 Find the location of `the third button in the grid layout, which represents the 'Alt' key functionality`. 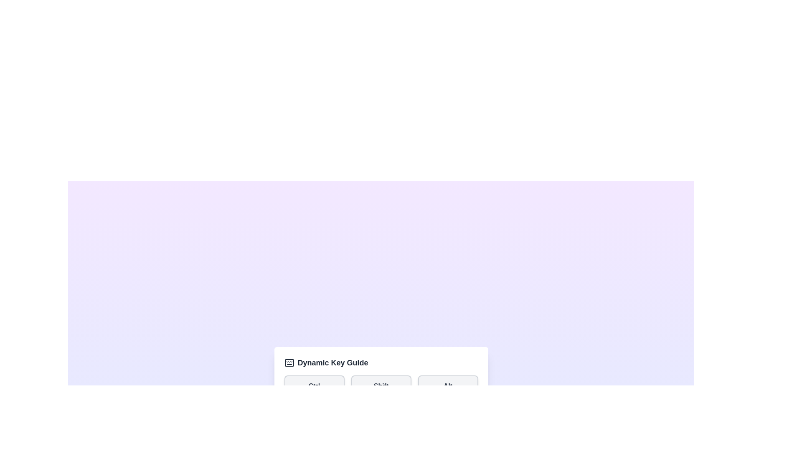

the third button in the grid layout, which represents the 'Alt' key functionality is located at coordinates (447, 386).